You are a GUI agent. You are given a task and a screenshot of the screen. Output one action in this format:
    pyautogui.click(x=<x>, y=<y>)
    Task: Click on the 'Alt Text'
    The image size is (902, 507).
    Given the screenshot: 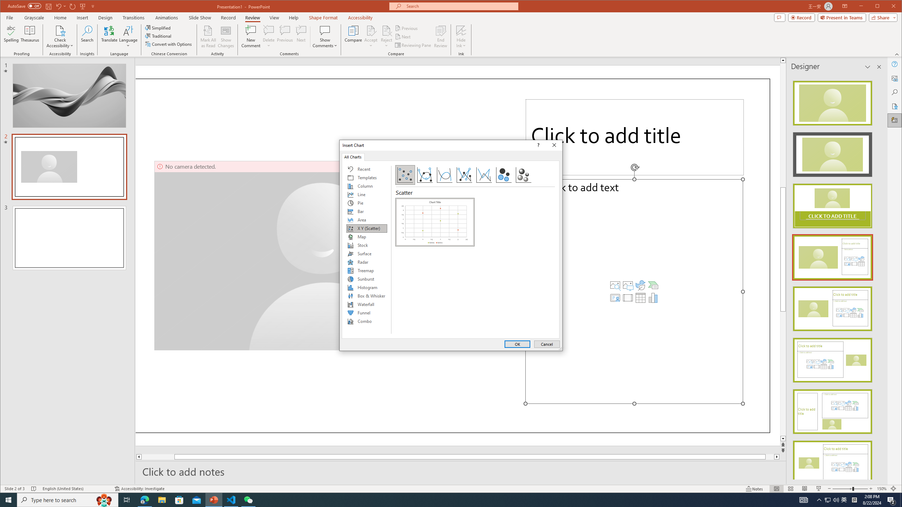 What is the action you would take?
    pyautogui.click(x=895, y=78)
    